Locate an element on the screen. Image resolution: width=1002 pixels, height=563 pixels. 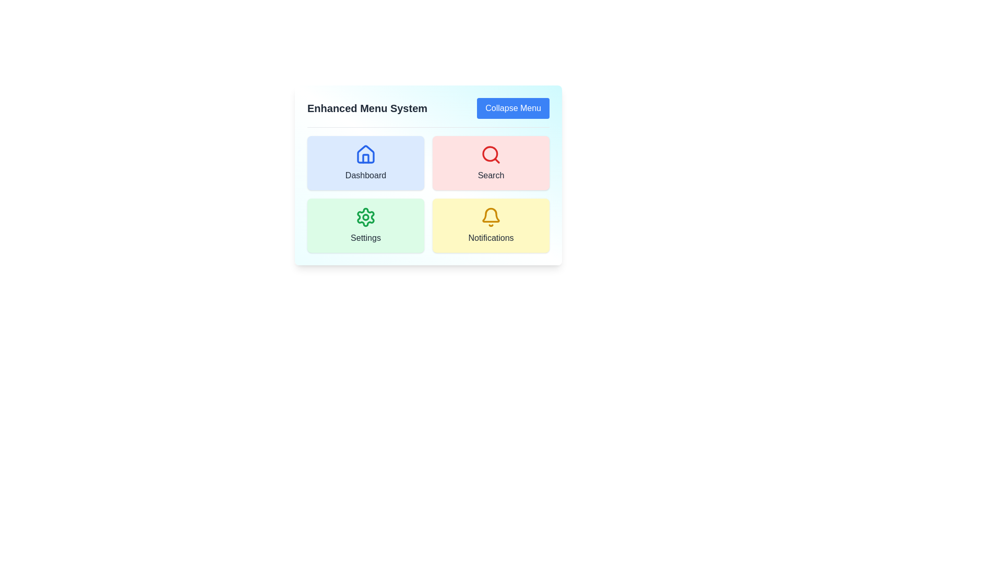
the text label indicating 'Enhanced Menu System', which serves as a header for the surrounding interface section is located at coordinates (367, 108).